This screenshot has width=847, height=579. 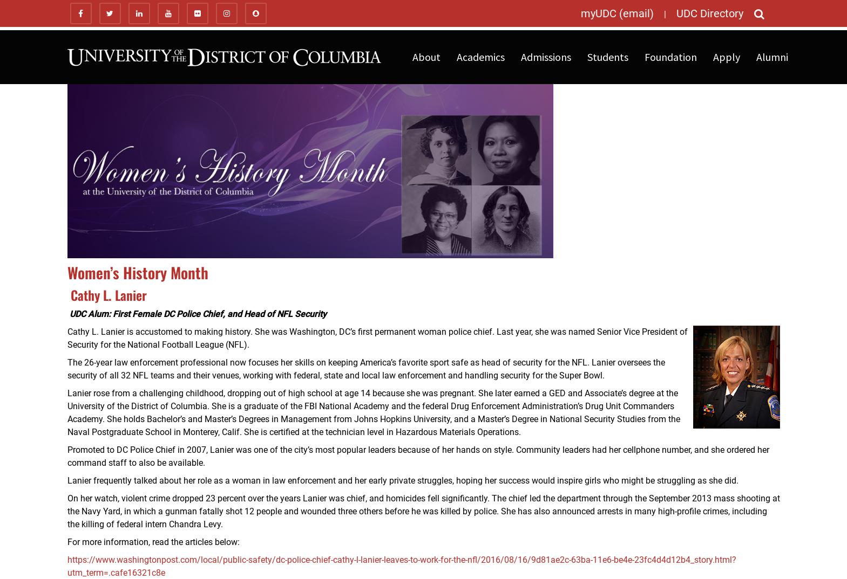 I want to click on 'The 26-year law enforcement professional now focuses her skills on keeping America’s favorite sport safe as head of security for the NFL. Lanier oversees the security of all 32 NFL teams and their venues, working with federal, state and local law enforcement and handling security for the Super Bowl.', so click(x=66, y=368).